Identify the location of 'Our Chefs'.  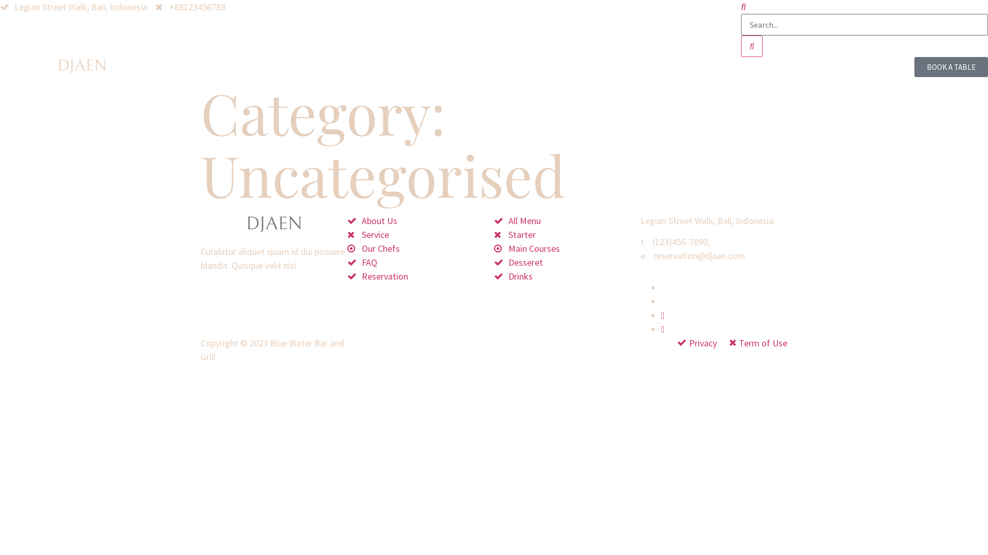
(420, 248).